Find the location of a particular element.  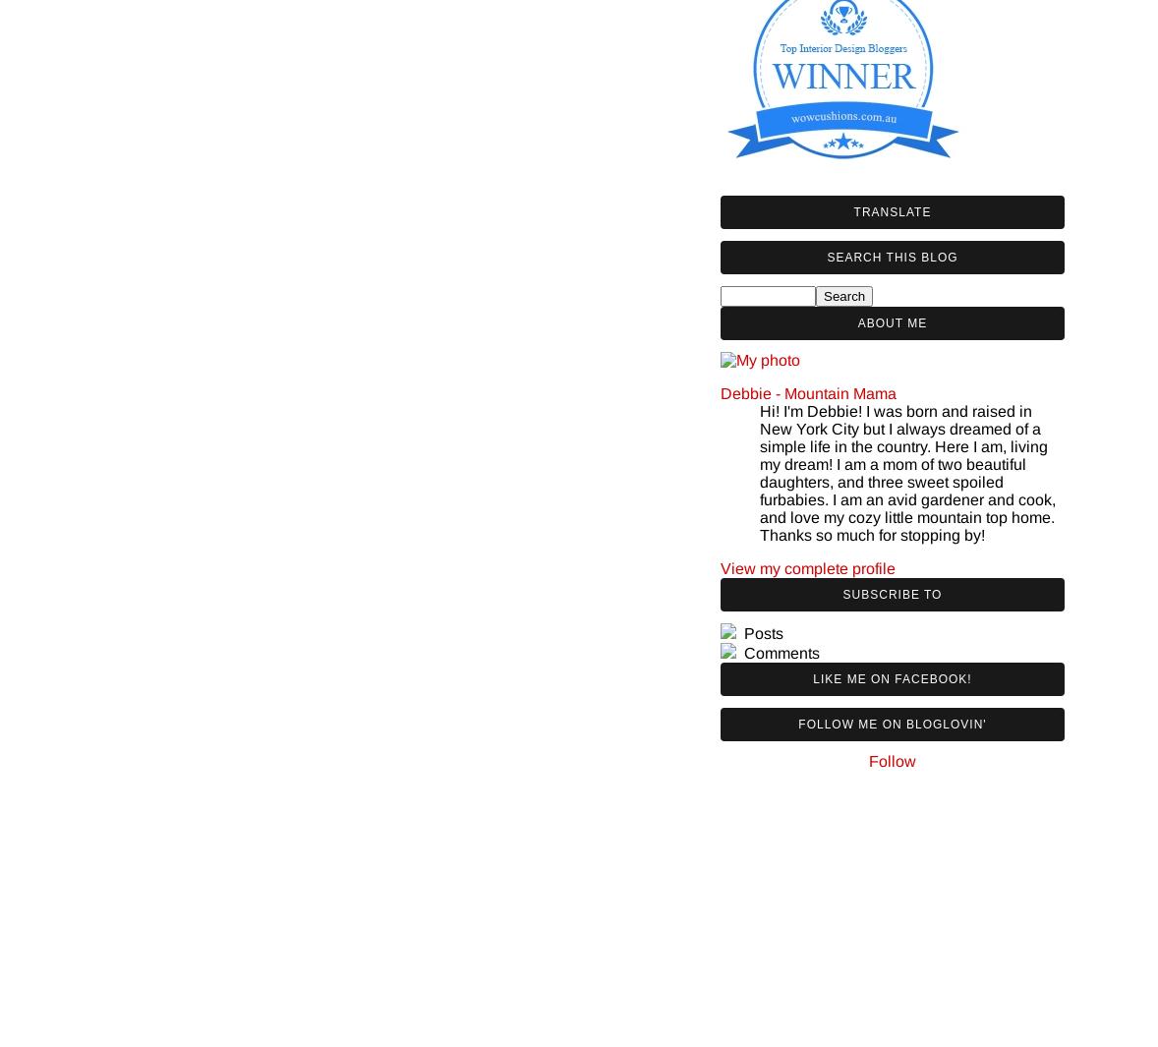

'Translate' is located at coordinates (892, 210).